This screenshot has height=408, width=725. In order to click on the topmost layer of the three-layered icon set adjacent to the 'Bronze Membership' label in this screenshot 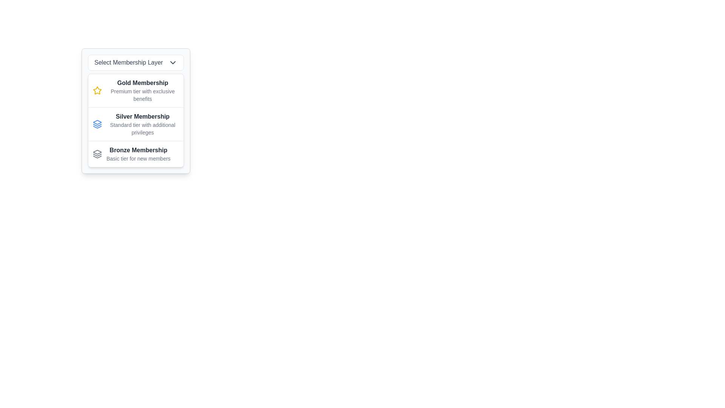, I will do `click(97, 122)`.